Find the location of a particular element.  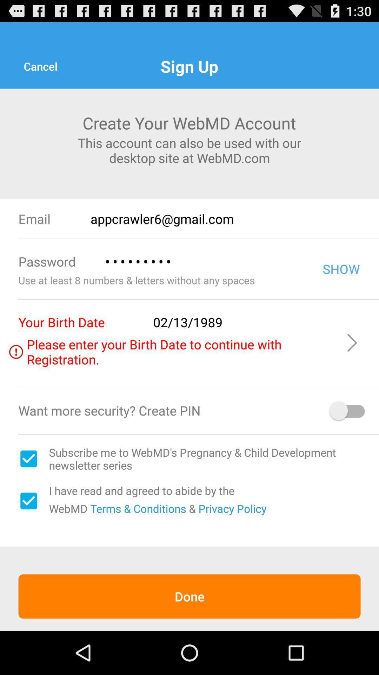

item next to the your birth date icon is located at coordinates (244, 322).